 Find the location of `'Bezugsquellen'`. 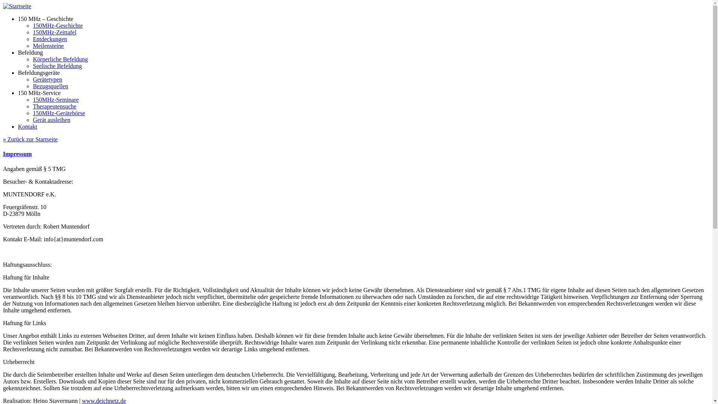

'Bezugsquellen' is located at coordinates (32, 86).